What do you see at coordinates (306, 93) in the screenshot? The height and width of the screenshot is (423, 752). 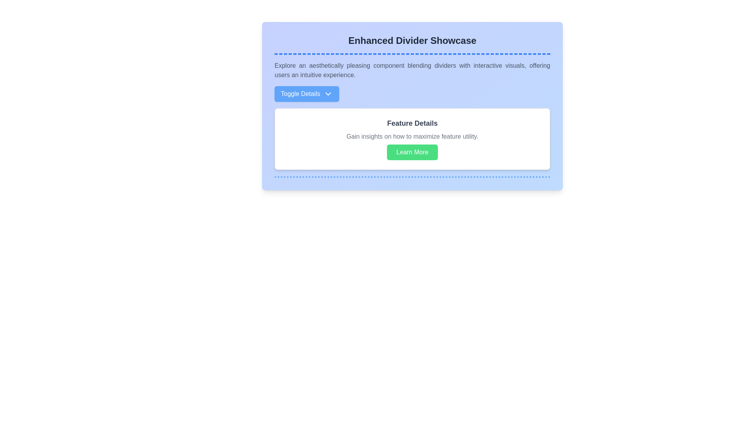 I see `the rectangular button with a blue background and white text that reads 'Toggle Details'` at bounding box center [306, 93].